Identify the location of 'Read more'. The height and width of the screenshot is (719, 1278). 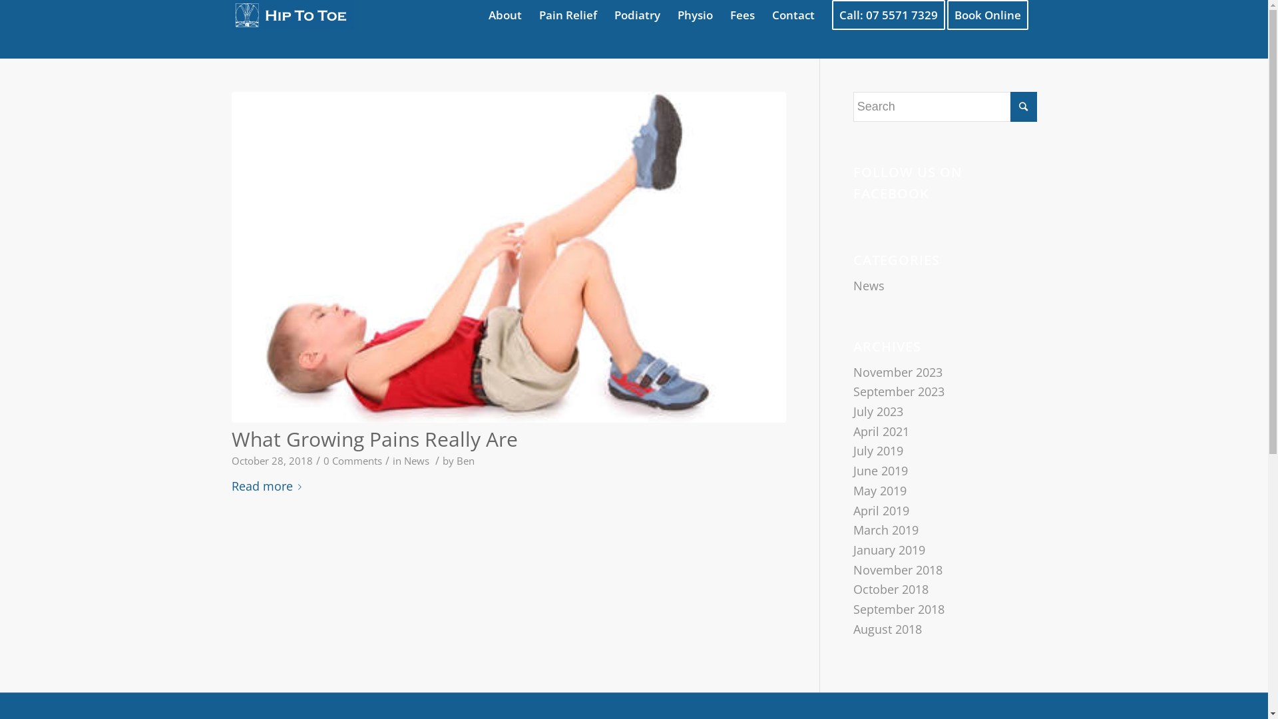
(268, 487).